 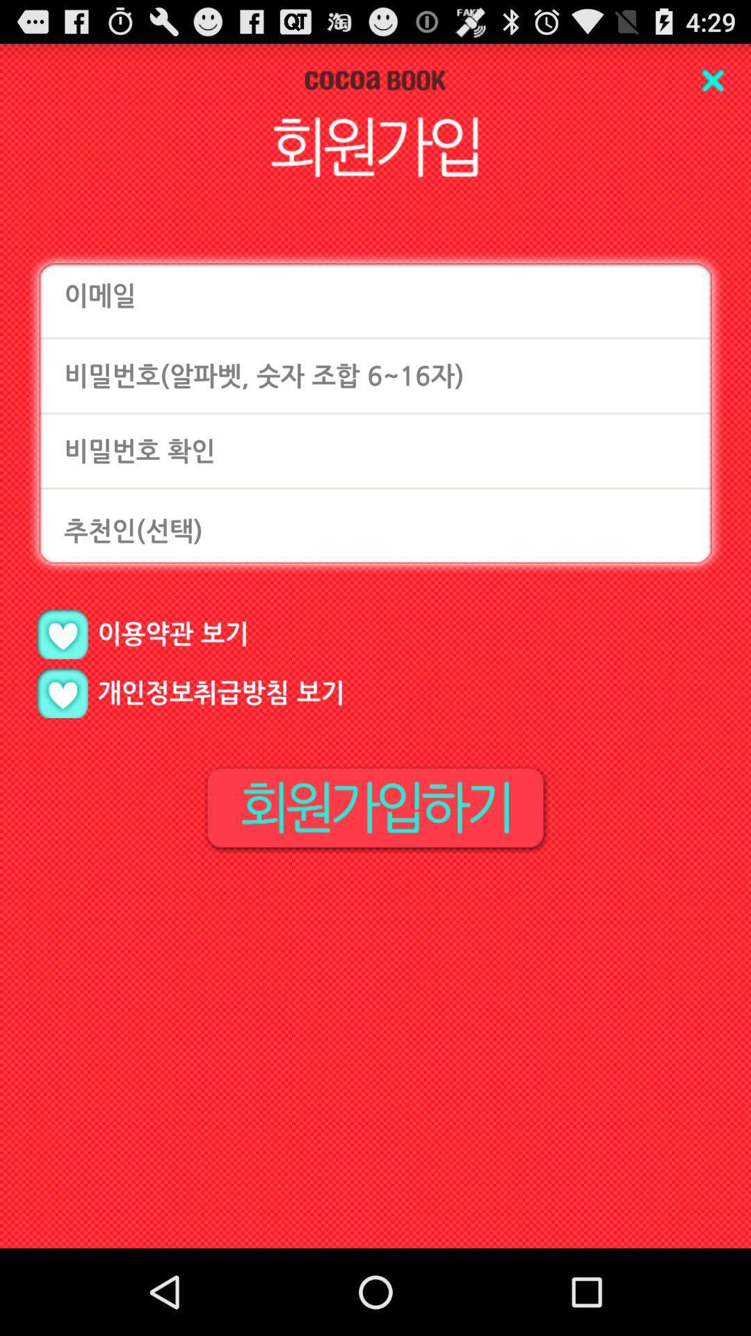 I want to click on mark as favorite, so click(x=61, y=633).